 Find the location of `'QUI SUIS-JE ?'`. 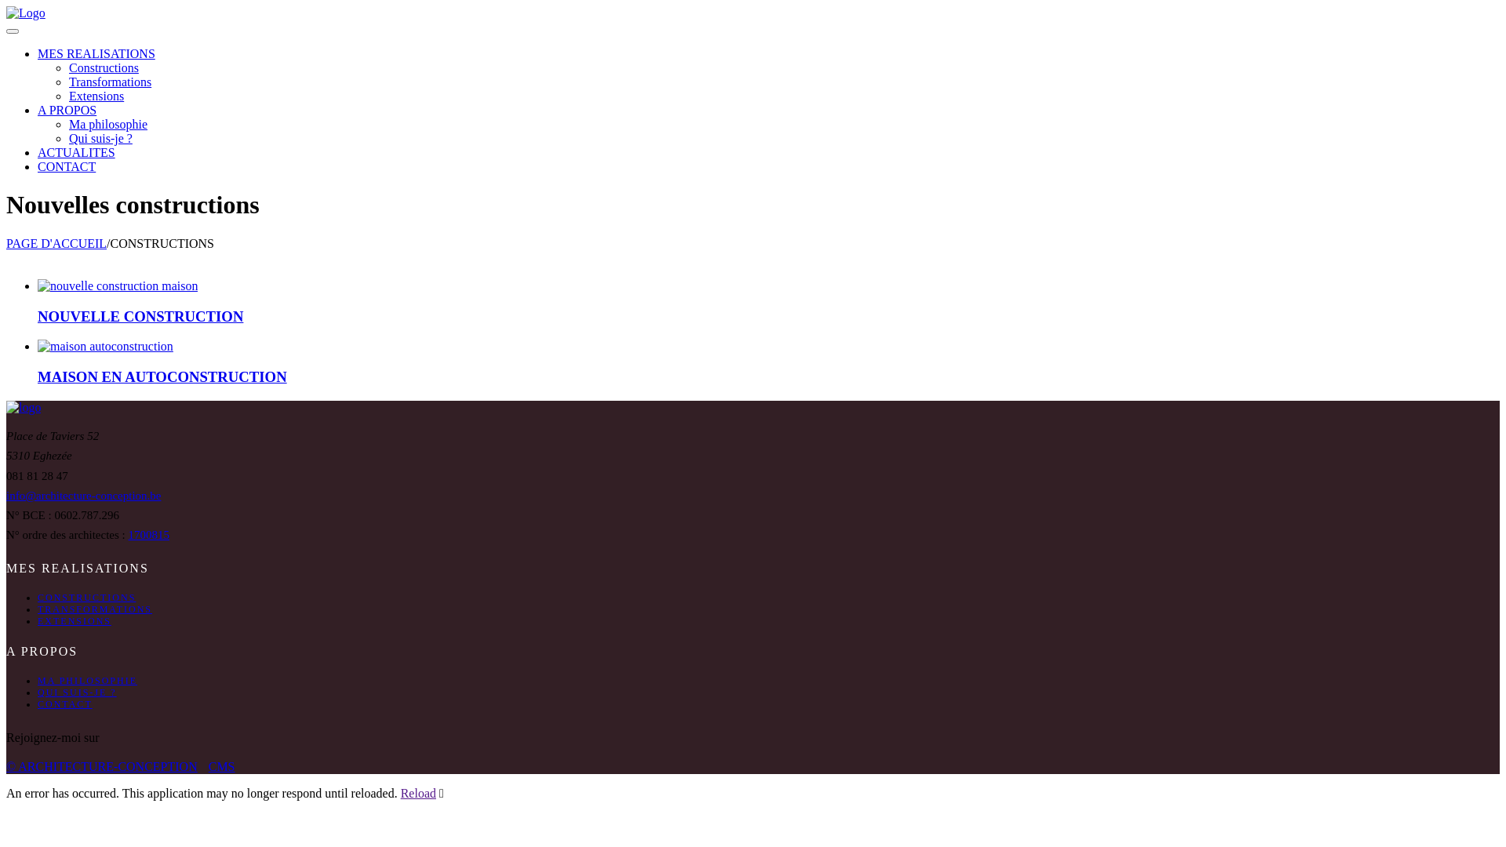

'QUI SUIS-JE ?' is located at coordinates (76, 692).